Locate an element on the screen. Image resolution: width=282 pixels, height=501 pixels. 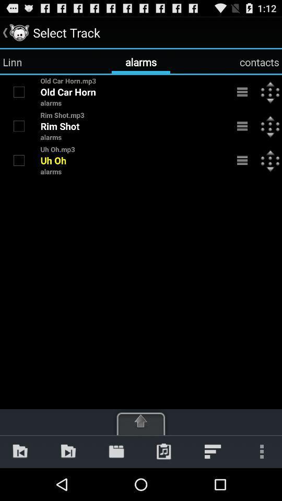
the empty box left to the old car horn is located at coordinates (19, 91).